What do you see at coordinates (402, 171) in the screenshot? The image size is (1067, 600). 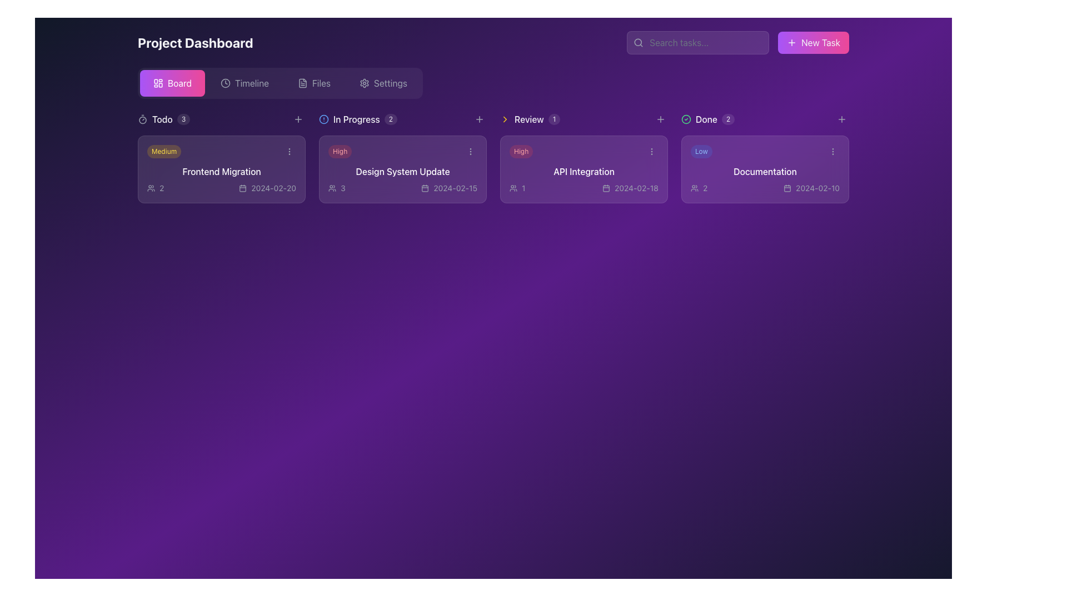 I see `the text label displaying 'Design System Update' located within the 'High' card in the 'In Progress' column of the project management dashboard` at bounding box center [402, 171].